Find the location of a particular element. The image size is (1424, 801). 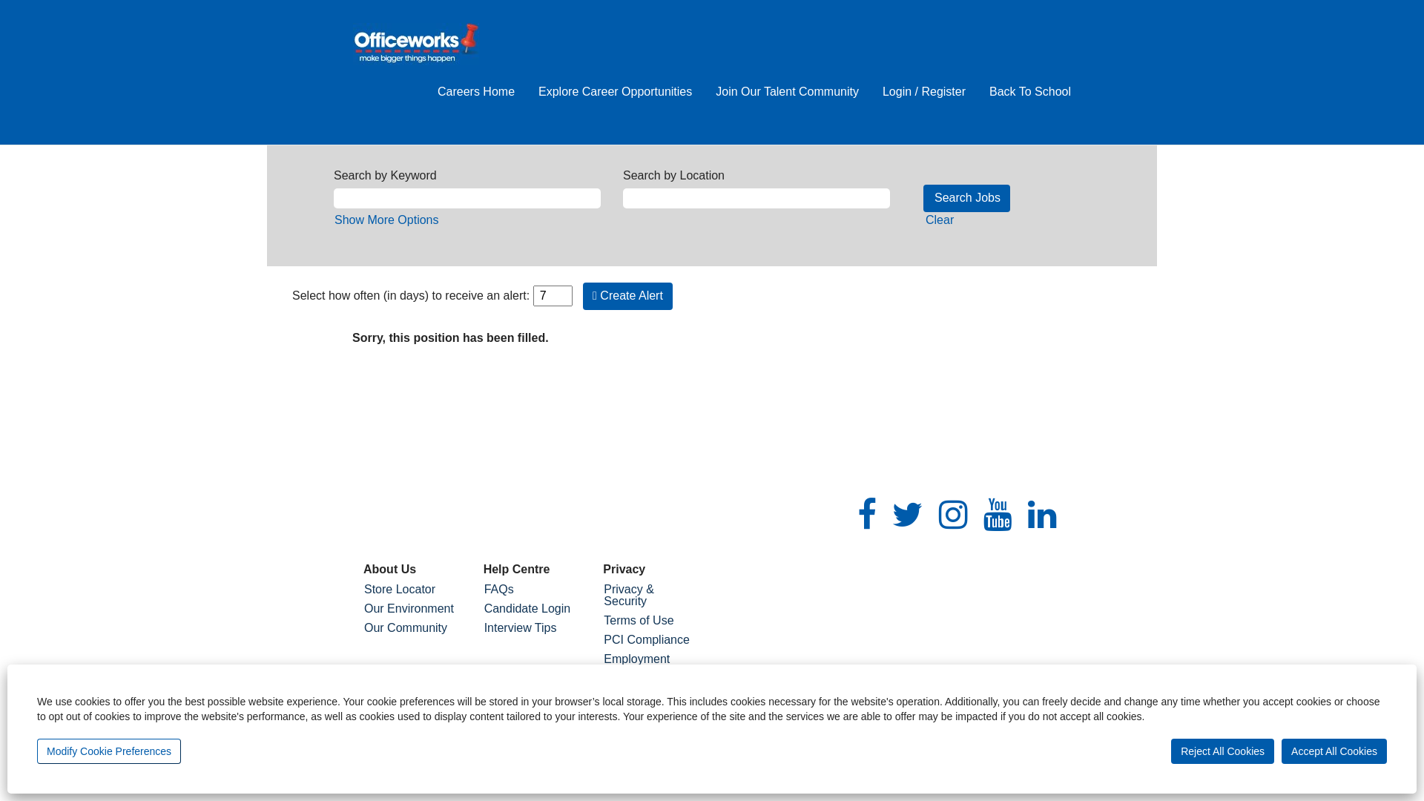

'FAQs' is located at coordinates (484, 588).